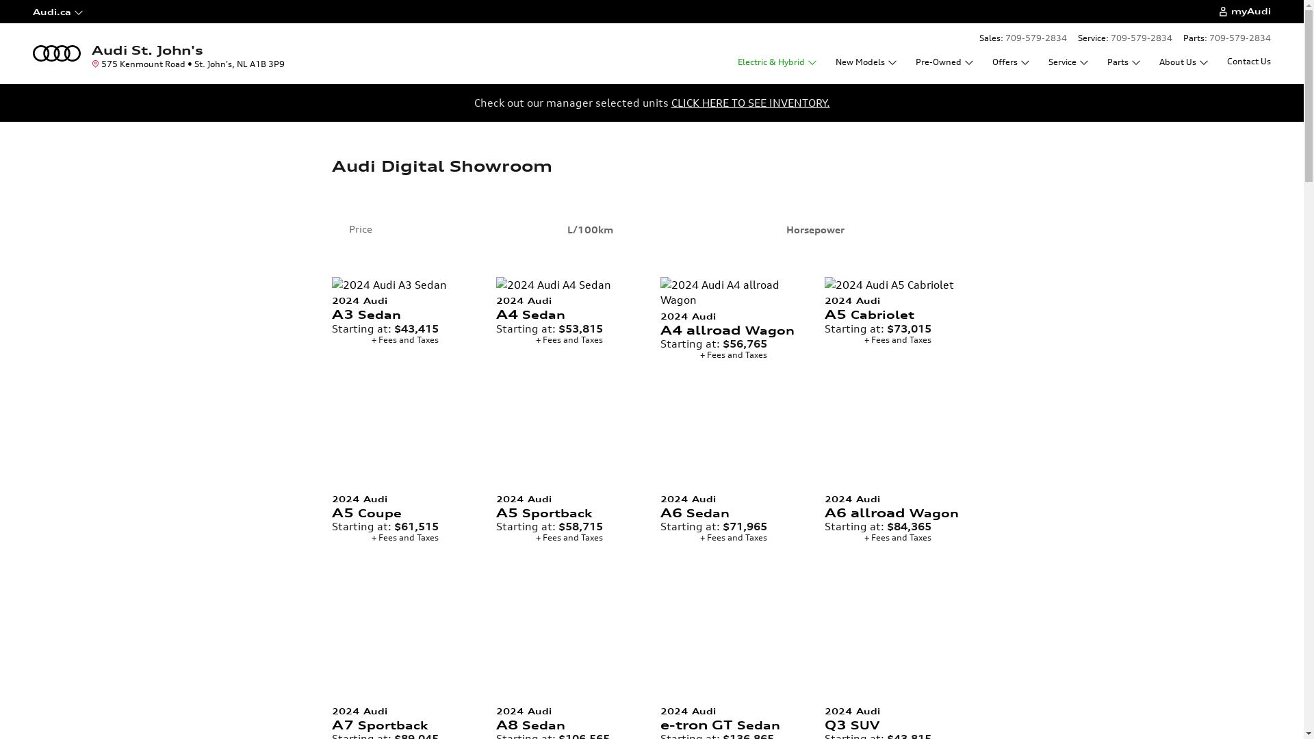 The image size is (1314, 739). Describe the element at coordinates (777, 62) in the screenshot. I see `'Electric & Hybrid'` at that location.